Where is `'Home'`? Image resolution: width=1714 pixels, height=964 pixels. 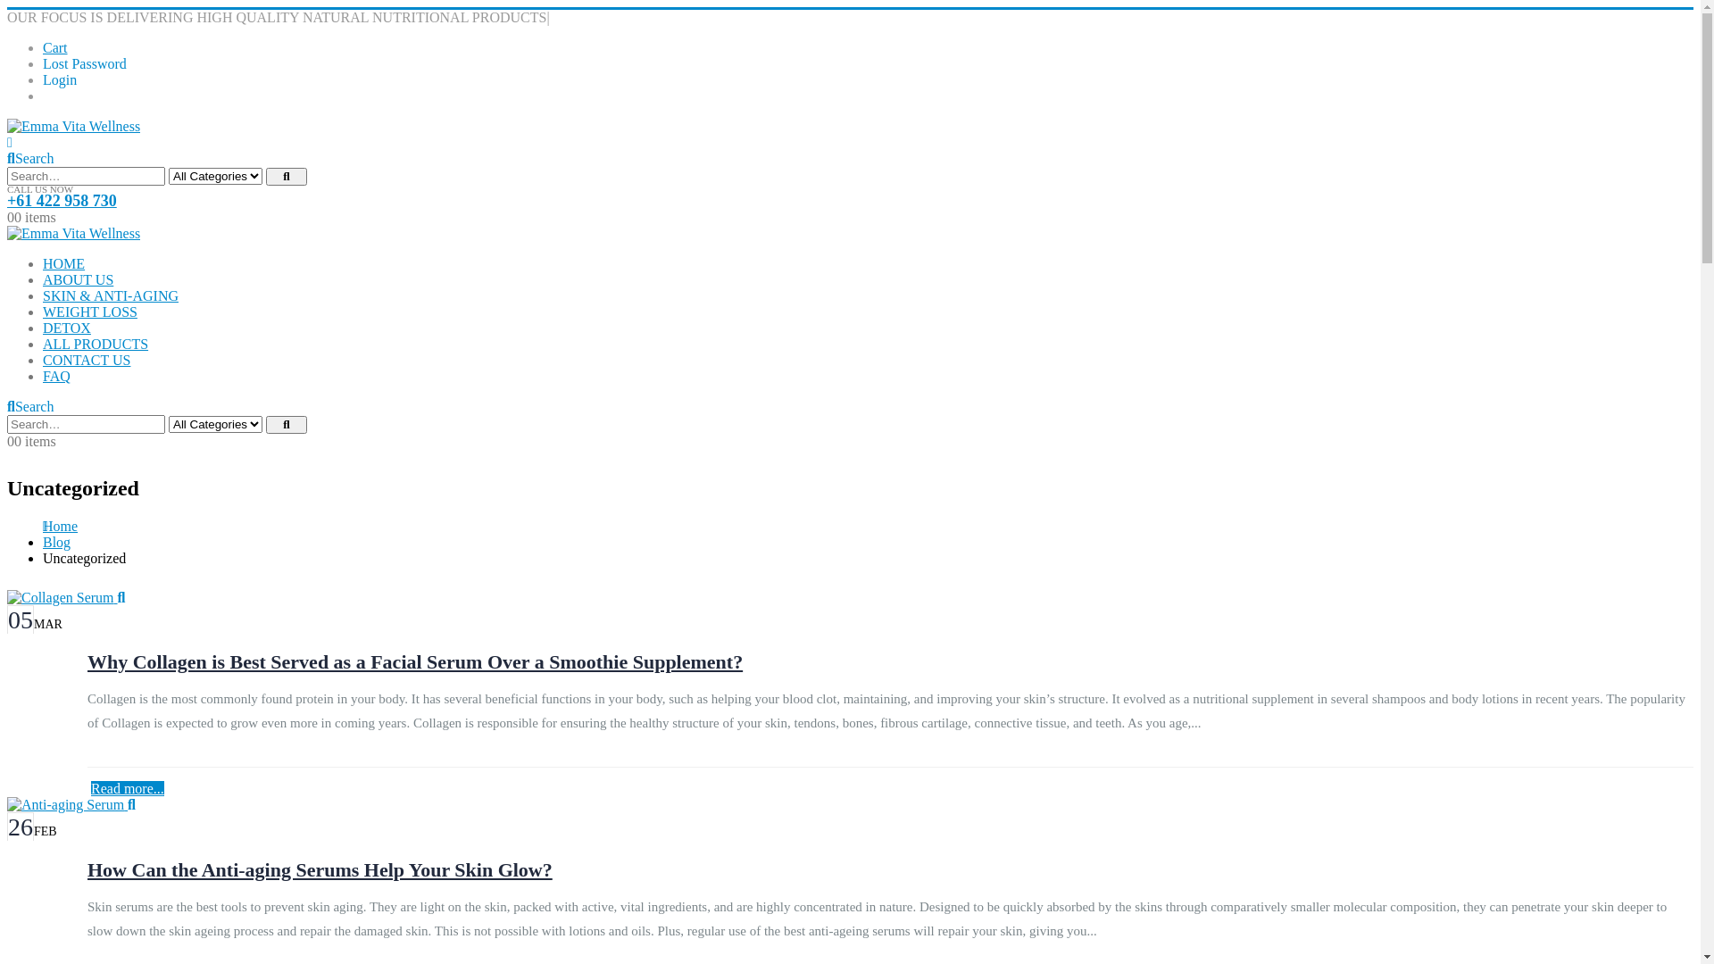 'Home' is located at coordinates (60, 525).